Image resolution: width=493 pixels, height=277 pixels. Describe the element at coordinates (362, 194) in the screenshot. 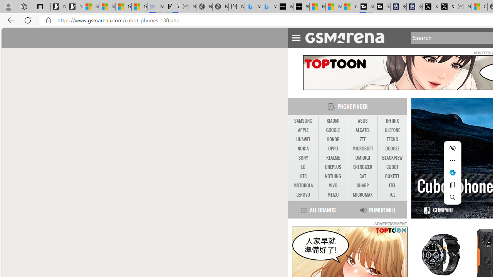

I see `'MICROMAX'` at that location.